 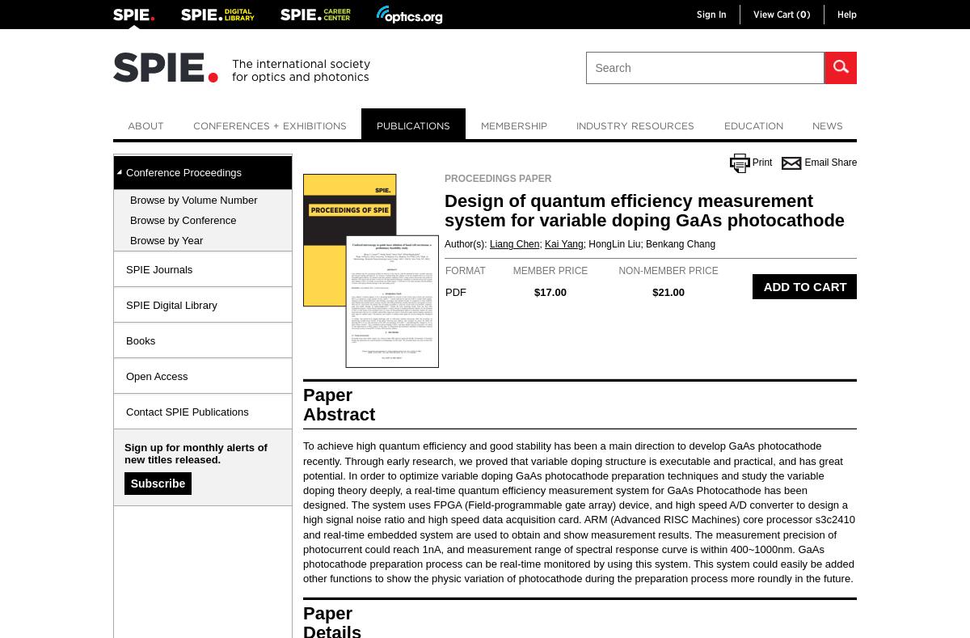 I want to click on 'Non-Member Price', so click(x=667, y=270).